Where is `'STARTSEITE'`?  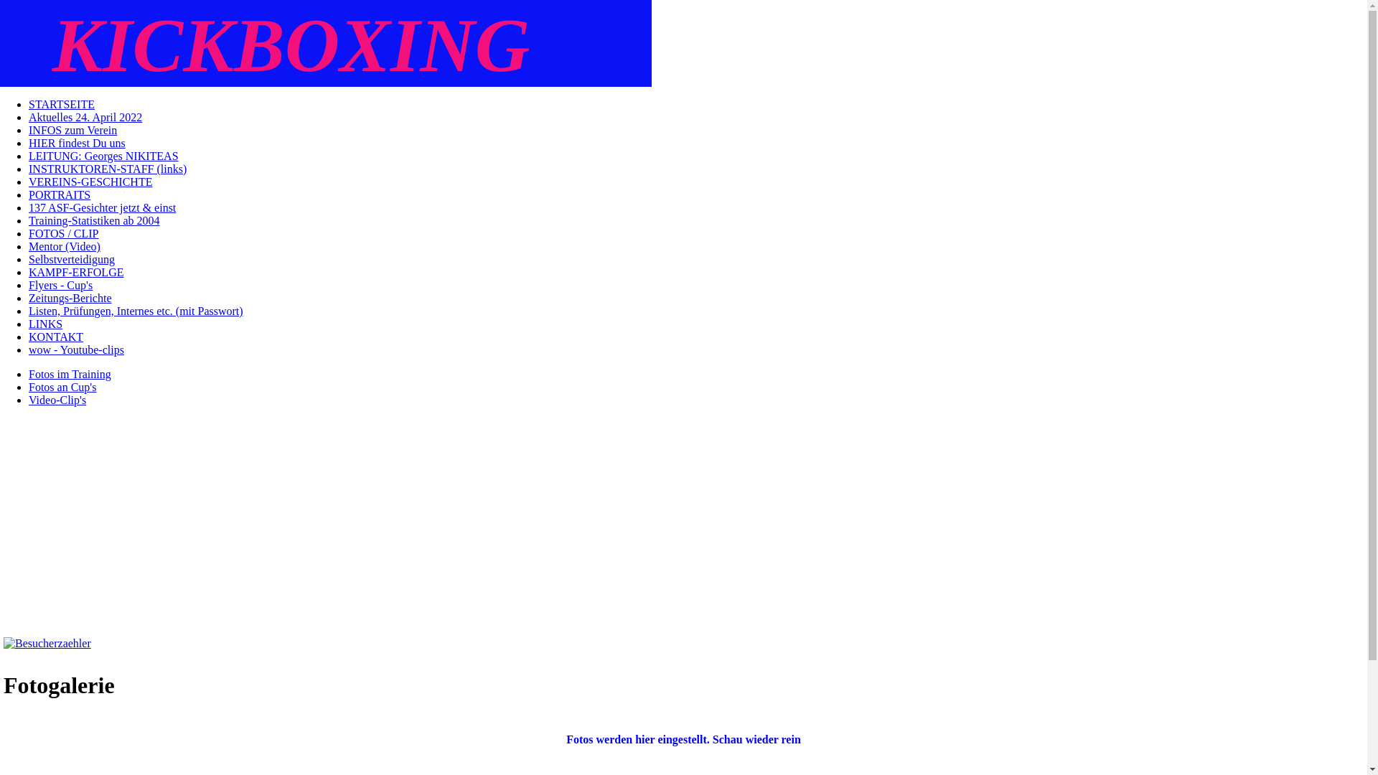
'STARTSEITE' is located at coordinates (61, 103).